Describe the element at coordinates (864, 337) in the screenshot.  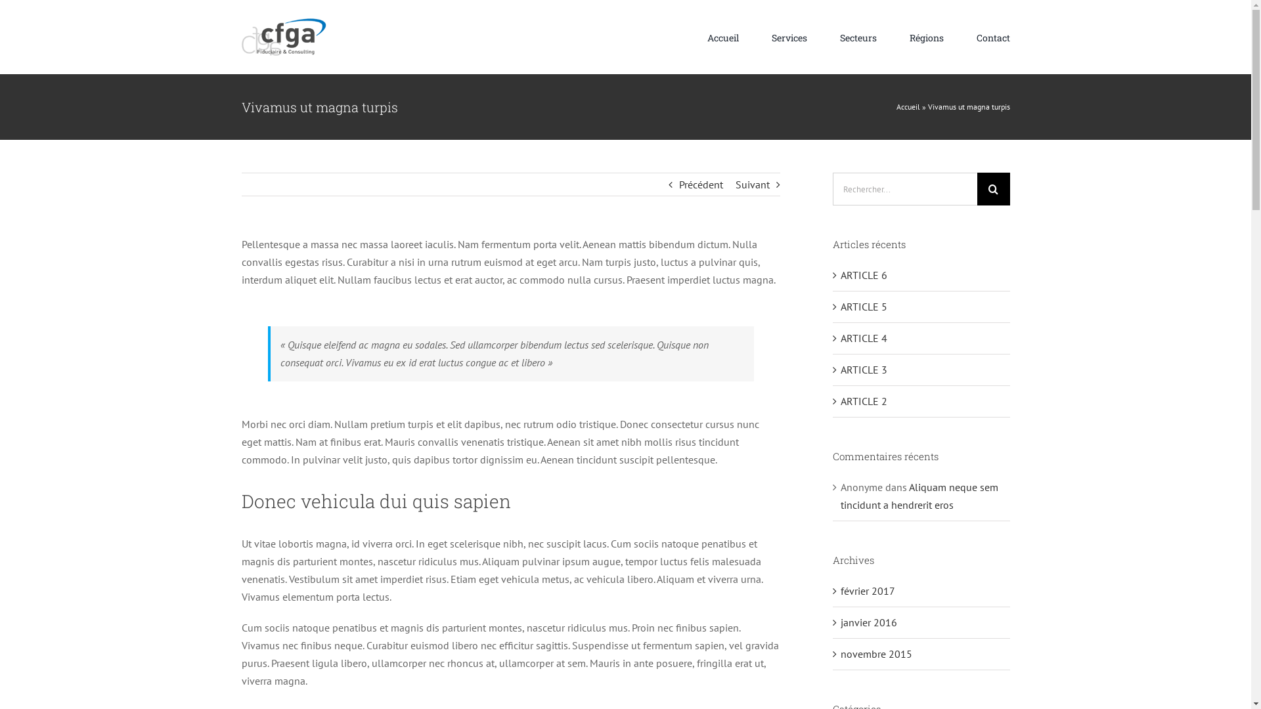
I see `'ARTICLE 4'` at that location.